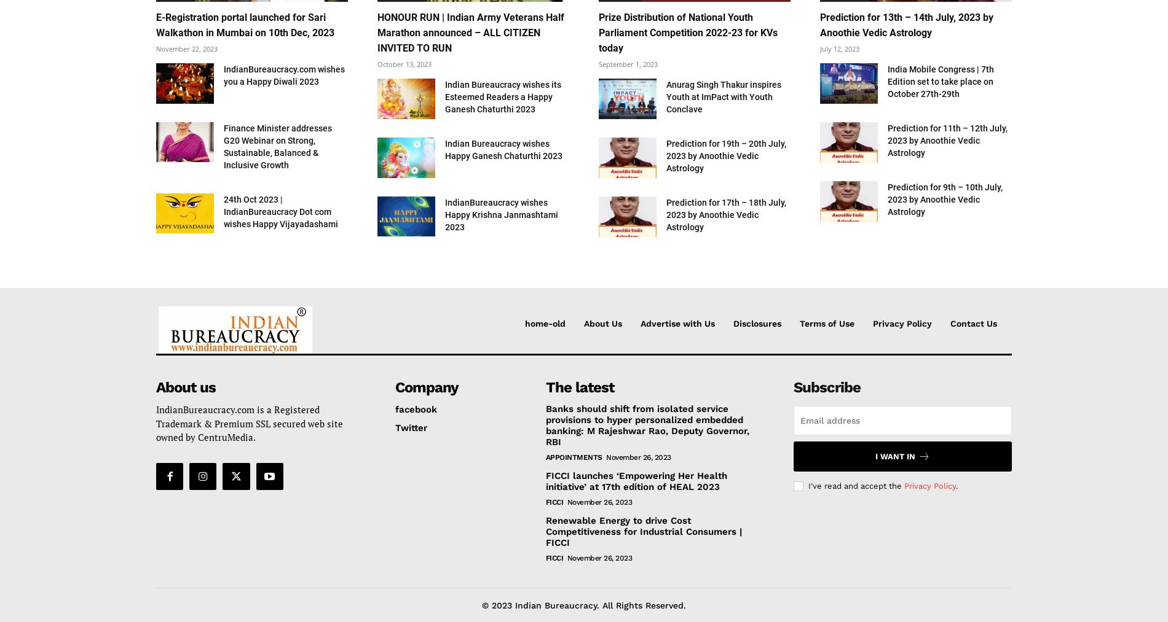 This screenshot has width=1168, height=622. I want to click on 'October 13, 2023', so click(404, 64).